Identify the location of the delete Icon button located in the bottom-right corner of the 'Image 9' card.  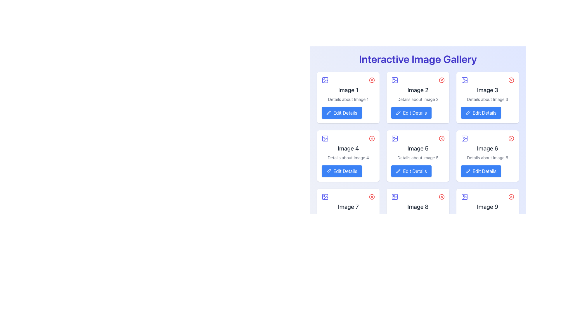
(511, 197).